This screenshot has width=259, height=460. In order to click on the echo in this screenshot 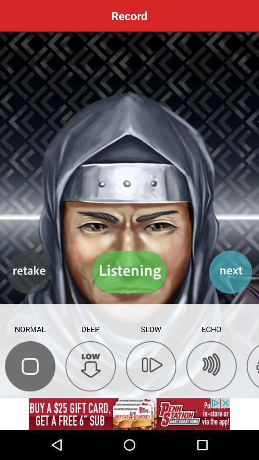, I will do `click(212, 366)`.